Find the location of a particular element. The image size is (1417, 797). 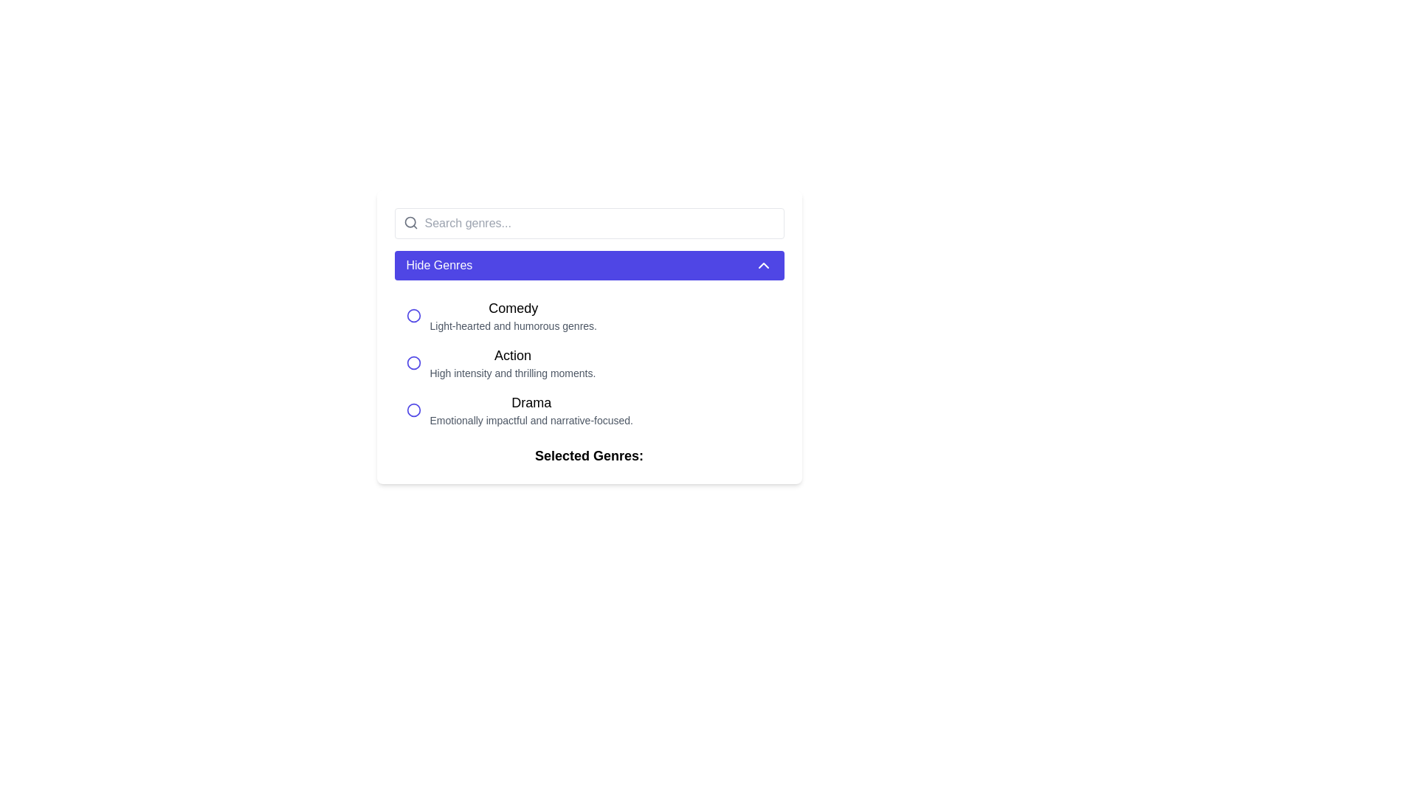

the 'Action' text label, which consists of a bold heading and a description below it, located between the 'Comedy' and 'Drama' items under the 'Hide Genres' header is located at coordinates (513, 363).